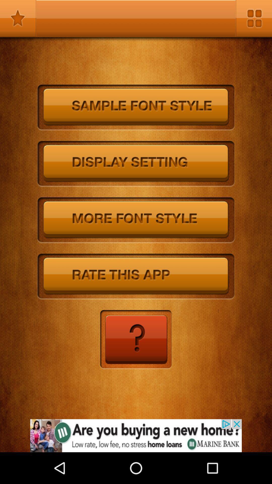 The width and height of the screenshot is (272, 484). Describe the element at coordinates (18, 18) in the screenshot. I see `bookmark this apge` at that location.